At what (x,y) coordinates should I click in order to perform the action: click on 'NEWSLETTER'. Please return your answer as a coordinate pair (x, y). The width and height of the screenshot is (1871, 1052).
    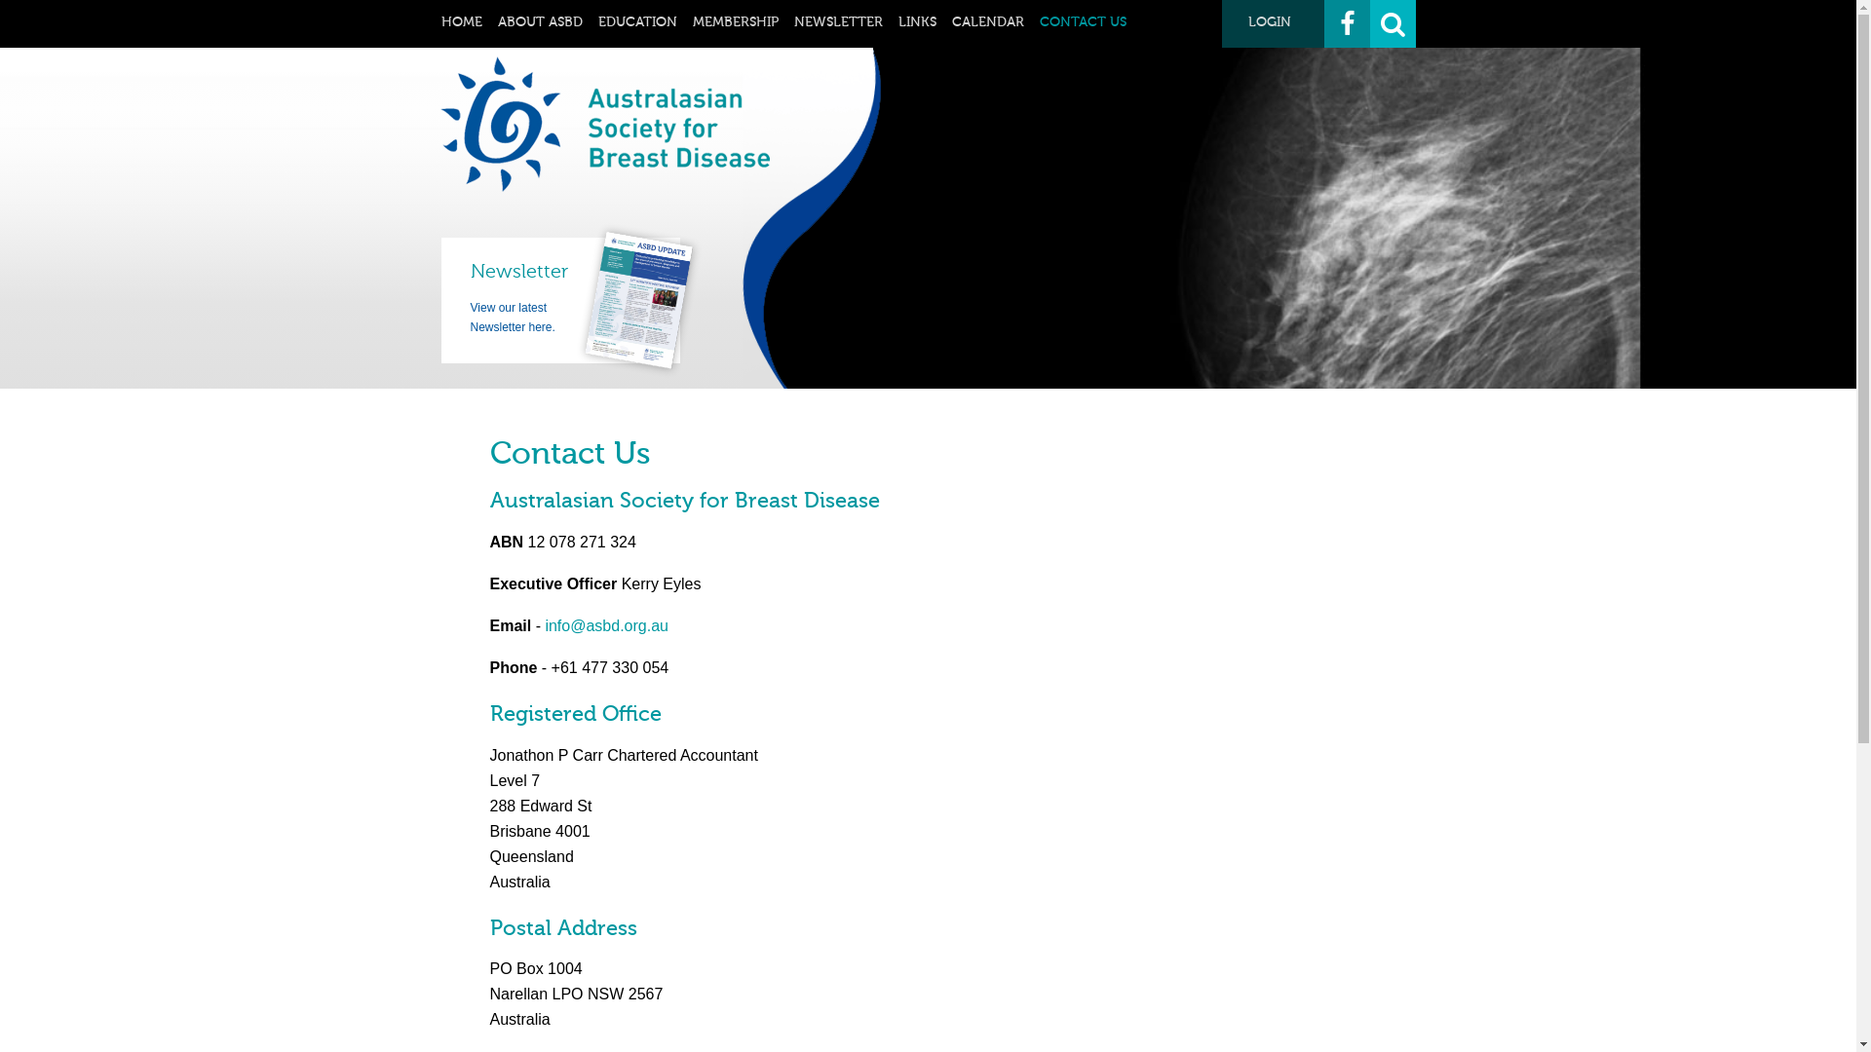
    Looking at the image, I should click on (837, 22).